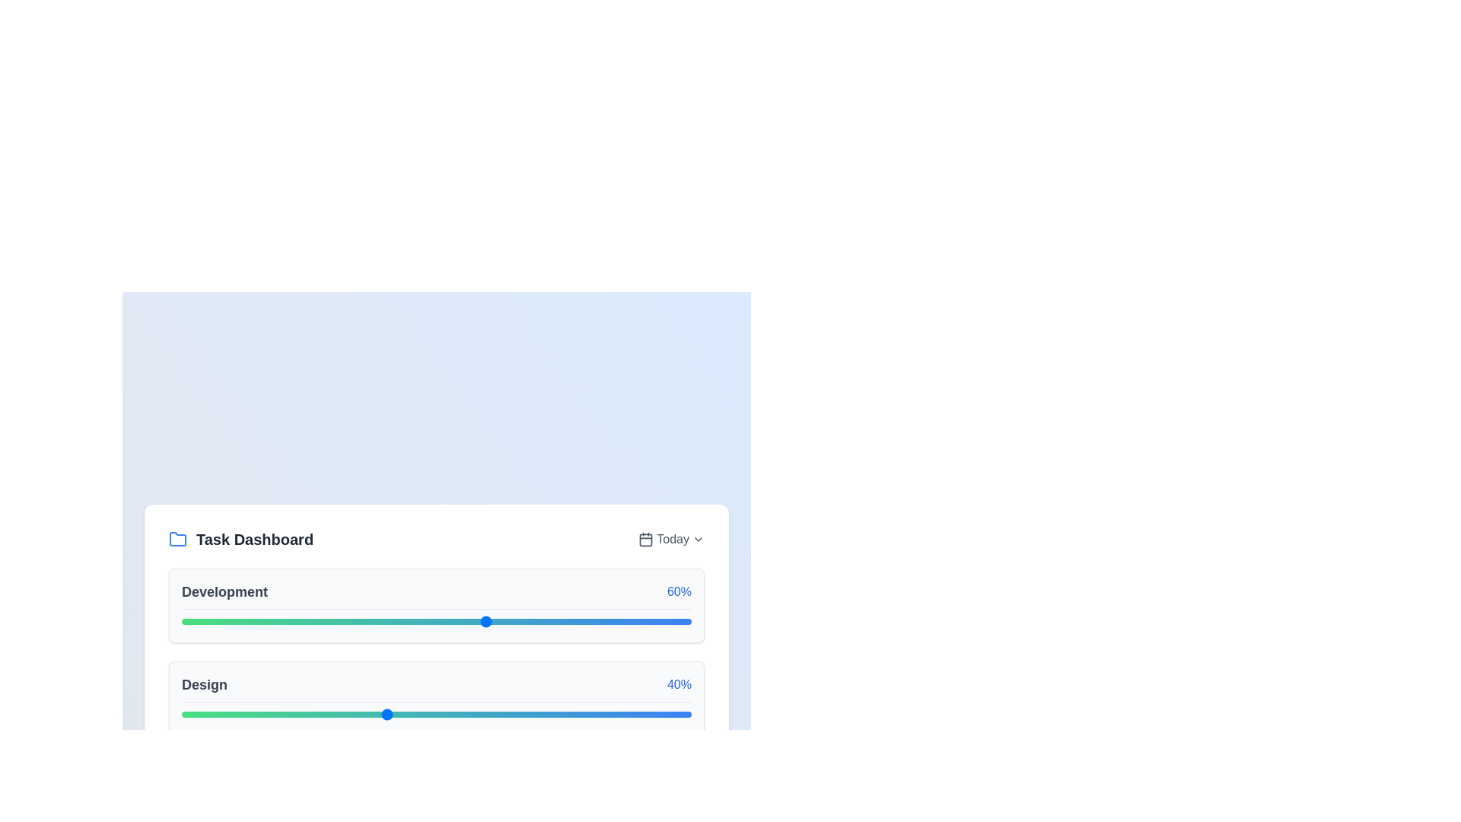 This screenshot has height=822, width=1461. Describe the element at coordinates (411, 714) in the screenshot. I see `the progress of the 'Design' slider` at that location.